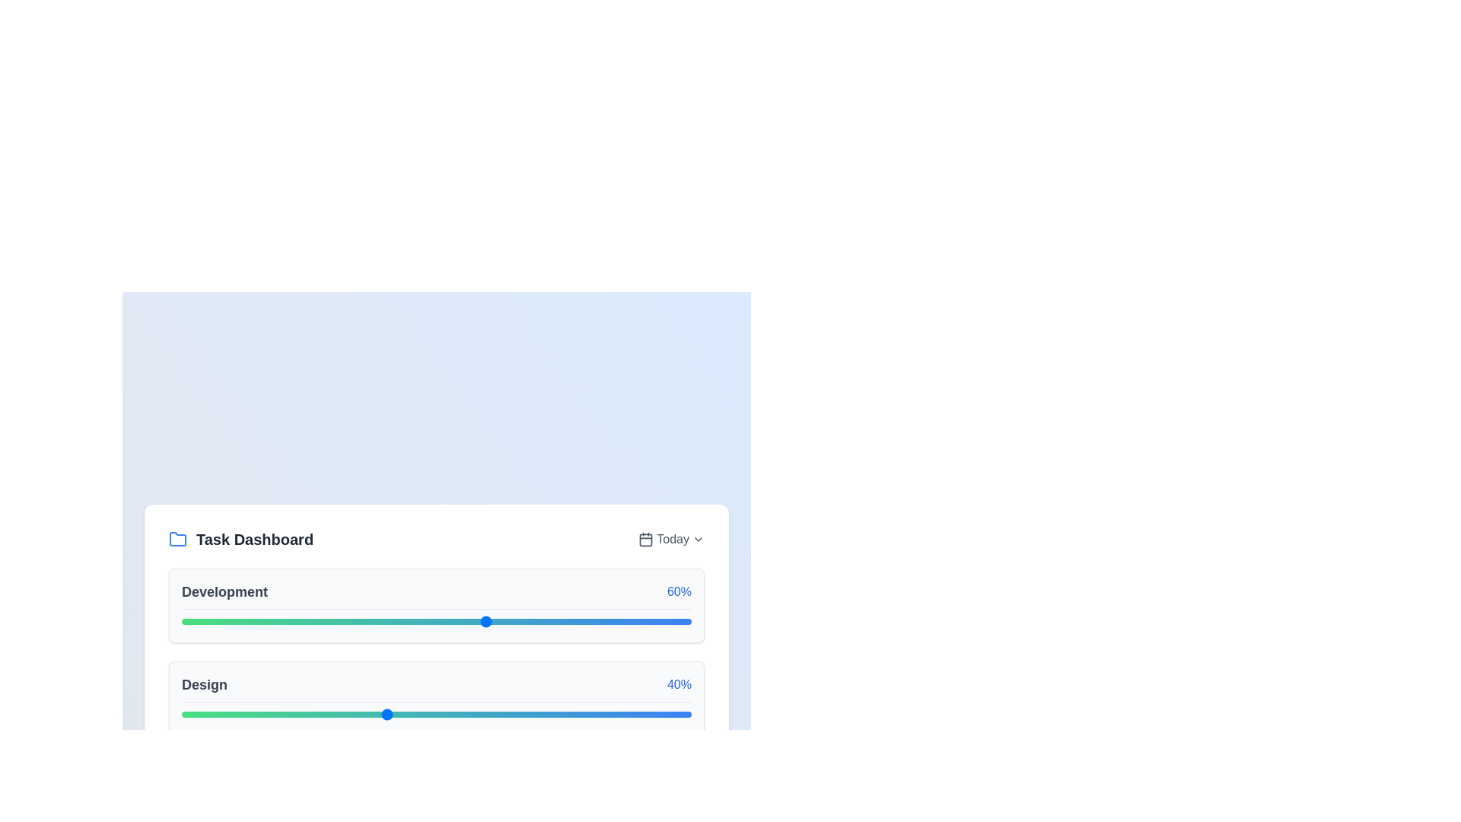 This screenshot has height=822, width=1461. Describe the element at coordinates (411, 714) in the screenshot. I see `the progress of the 'Design' slider` at that location.